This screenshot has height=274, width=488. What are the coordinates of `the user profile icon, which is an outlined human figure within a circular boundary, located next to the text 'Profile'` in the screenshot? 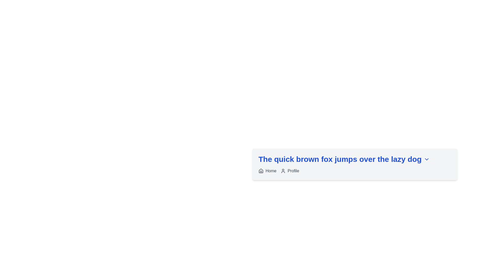 It's located at (283, 171).